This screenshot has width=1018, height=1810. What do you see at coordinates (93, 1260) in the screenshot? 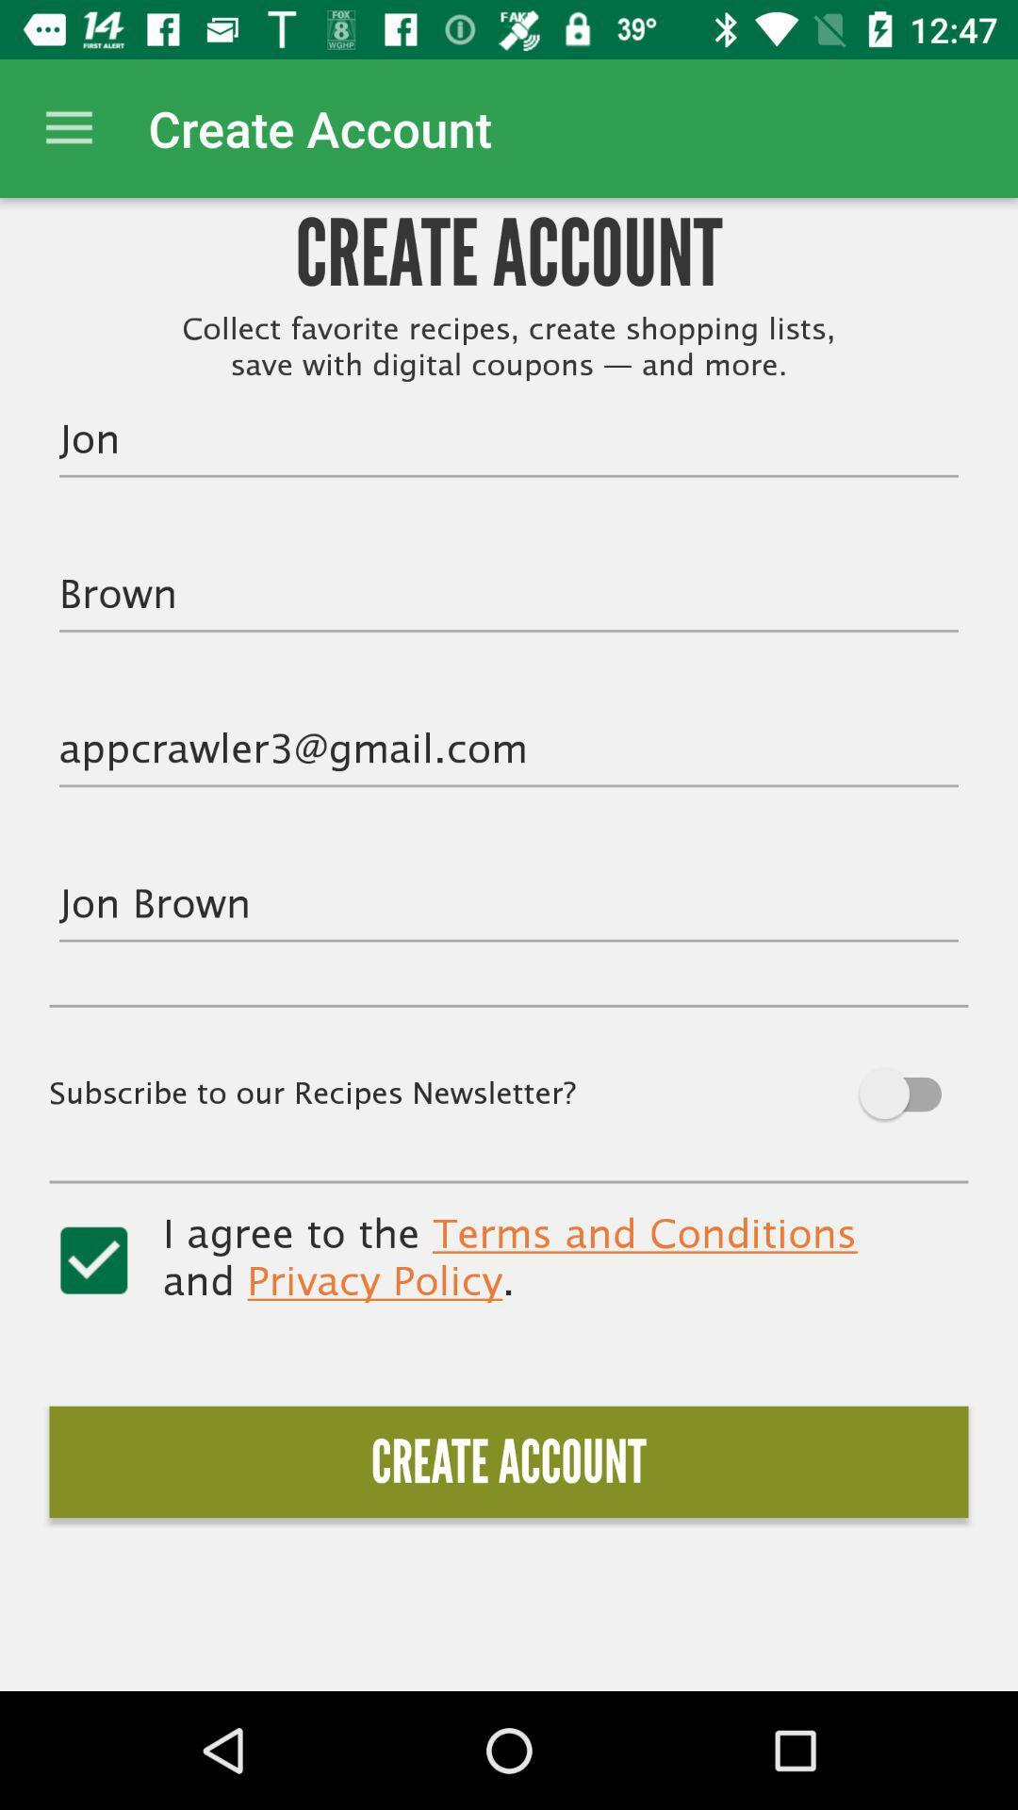
I see `check to agree to the terms and conditions and privacy policy` at bounding box center [93, 1260].